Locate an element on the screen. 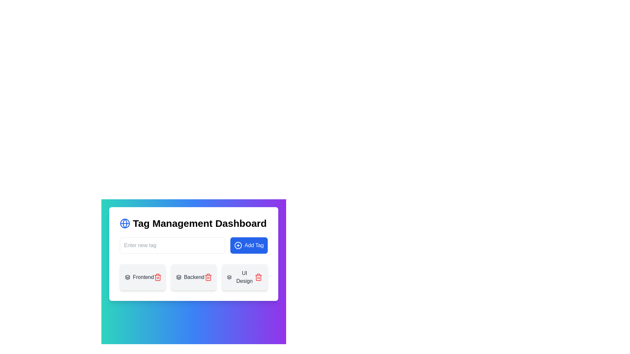 This screenshot has width=630, height=354. the circular blue globe icon located in the top-left corner, adjacent to the 'Tag Management Dashboard' heading is located at coordinates (125, 223).